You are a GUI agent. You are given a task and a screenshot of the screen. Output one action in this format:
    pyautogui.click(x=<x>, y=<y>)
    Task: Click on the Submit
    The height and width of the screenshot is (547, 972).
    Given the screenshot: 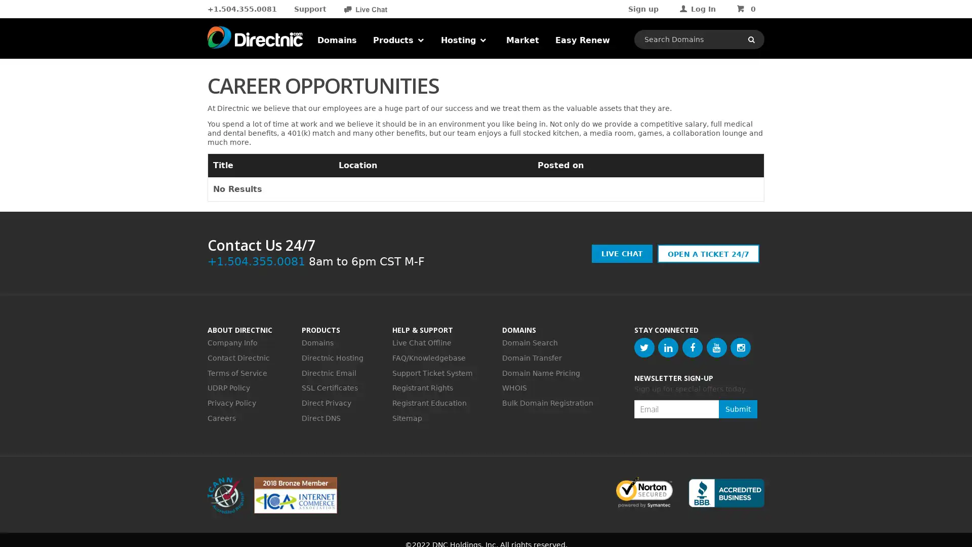 What is the action you would take?
    pyautogui.click(x=738, y=408)
    